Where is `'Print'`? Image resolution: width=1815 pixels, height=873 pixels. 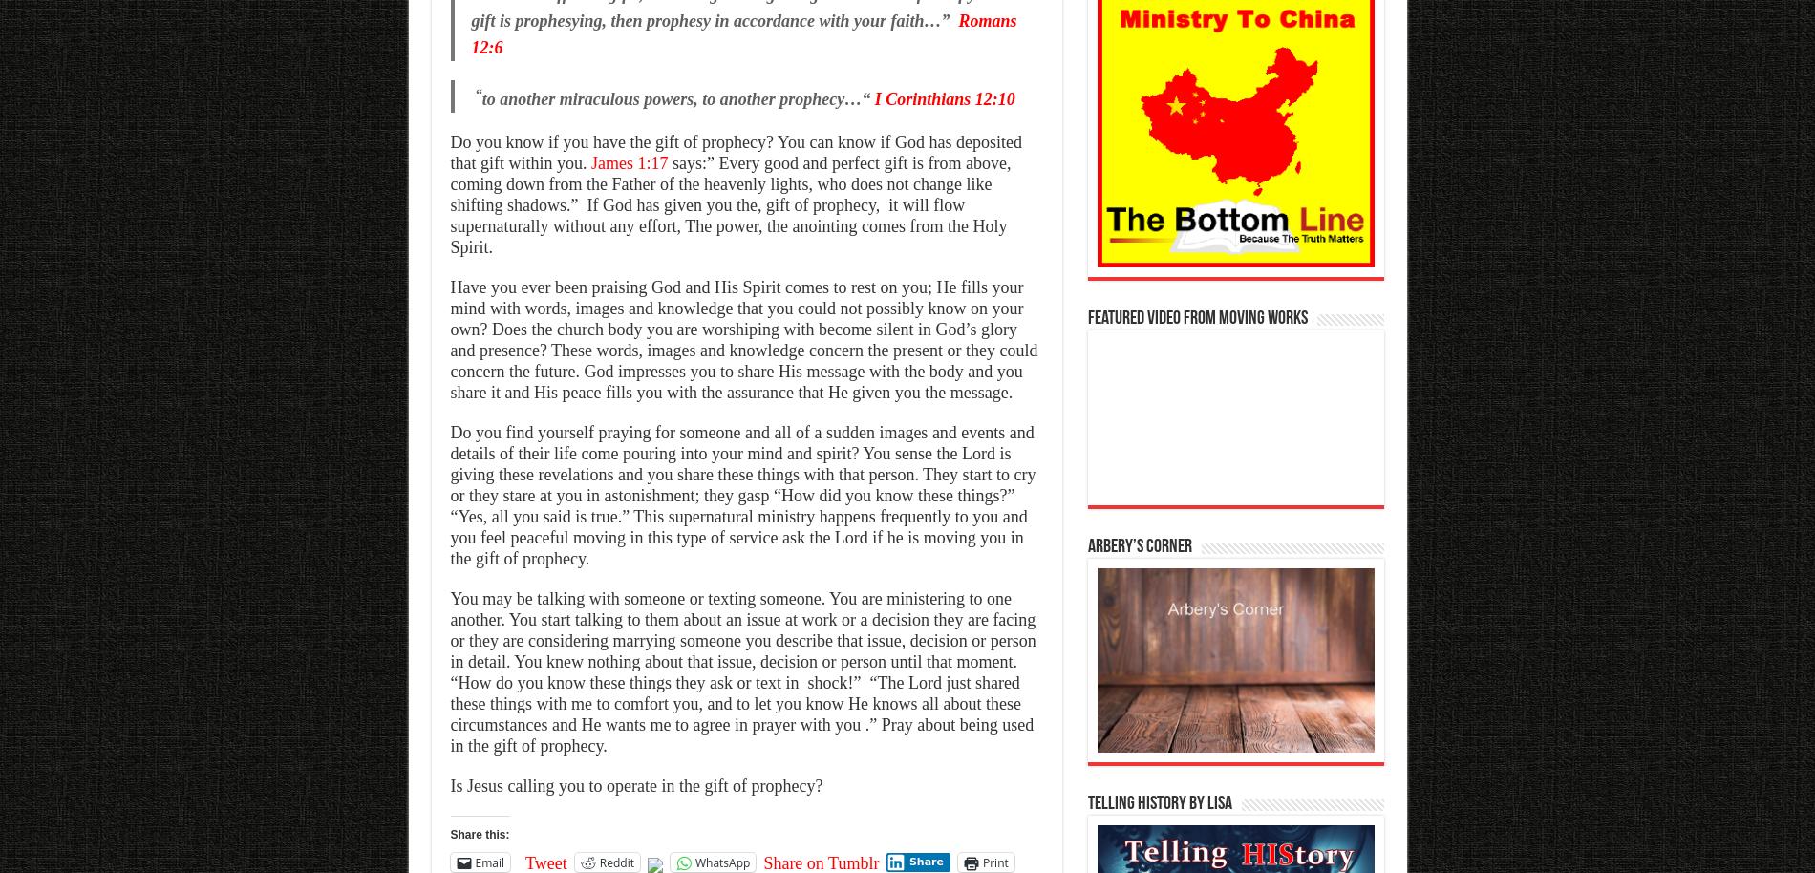
'Print' is located at coordinates (982, 861).